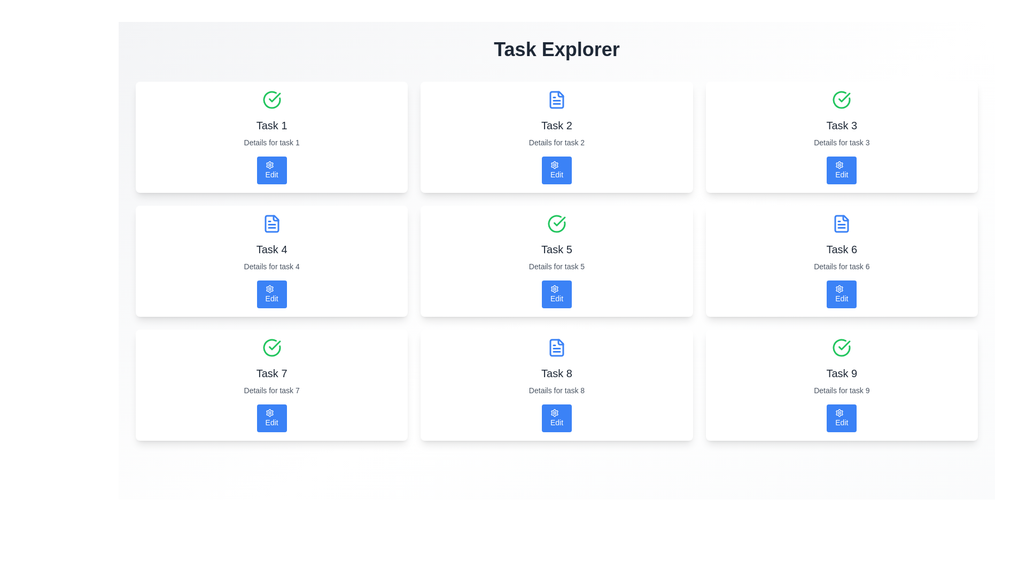 The width and height of the screenshot is (1026, 577). Describe the element at coordinates (556, 418) in the screenshot. I see `the 'Edit' button located at the bottom right of the 'Task 8' card, which allows users to edit the details or settings associated with Task 8` at that location.